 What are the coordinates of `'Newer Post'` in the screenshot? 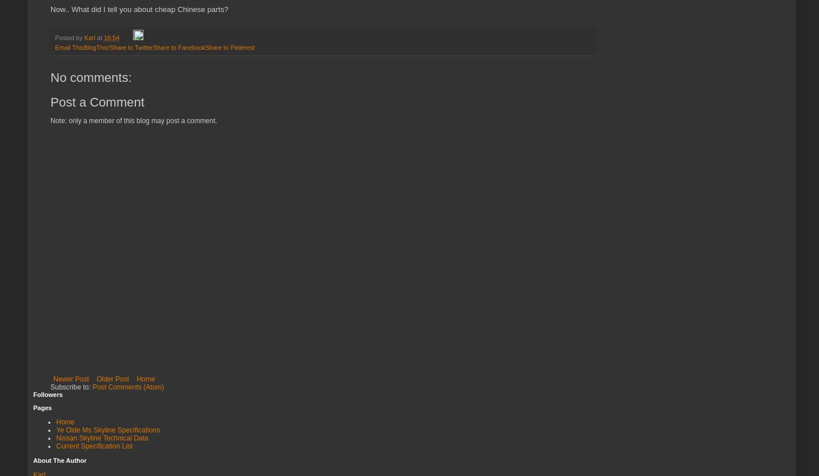 It's located at (52, 378).